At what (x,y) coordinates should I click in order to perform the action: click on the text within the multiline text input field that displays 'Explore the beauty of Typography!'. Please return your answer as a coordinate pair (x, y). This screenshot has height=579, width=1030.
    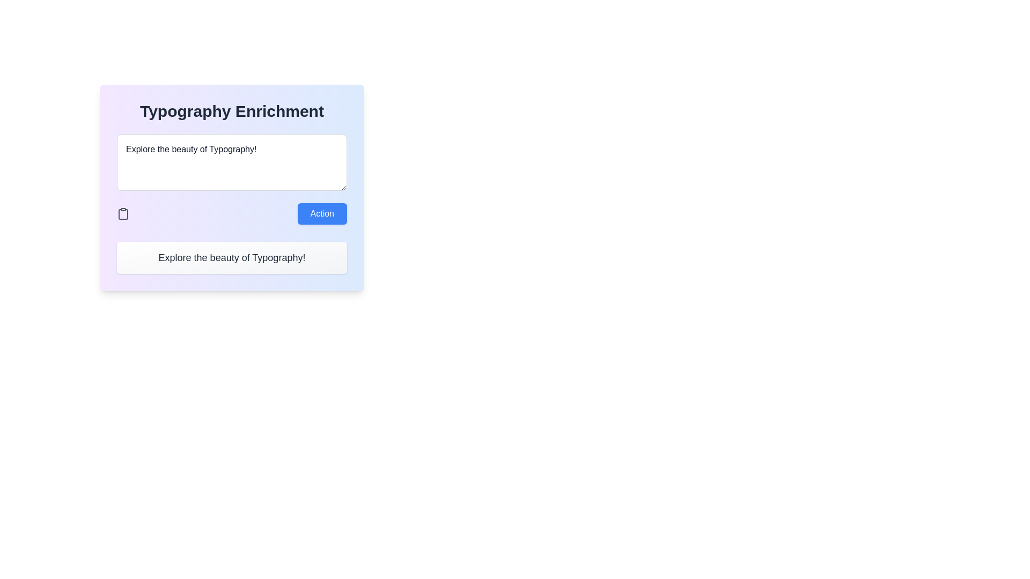
    Looking at the image, I should click on (231, 162).